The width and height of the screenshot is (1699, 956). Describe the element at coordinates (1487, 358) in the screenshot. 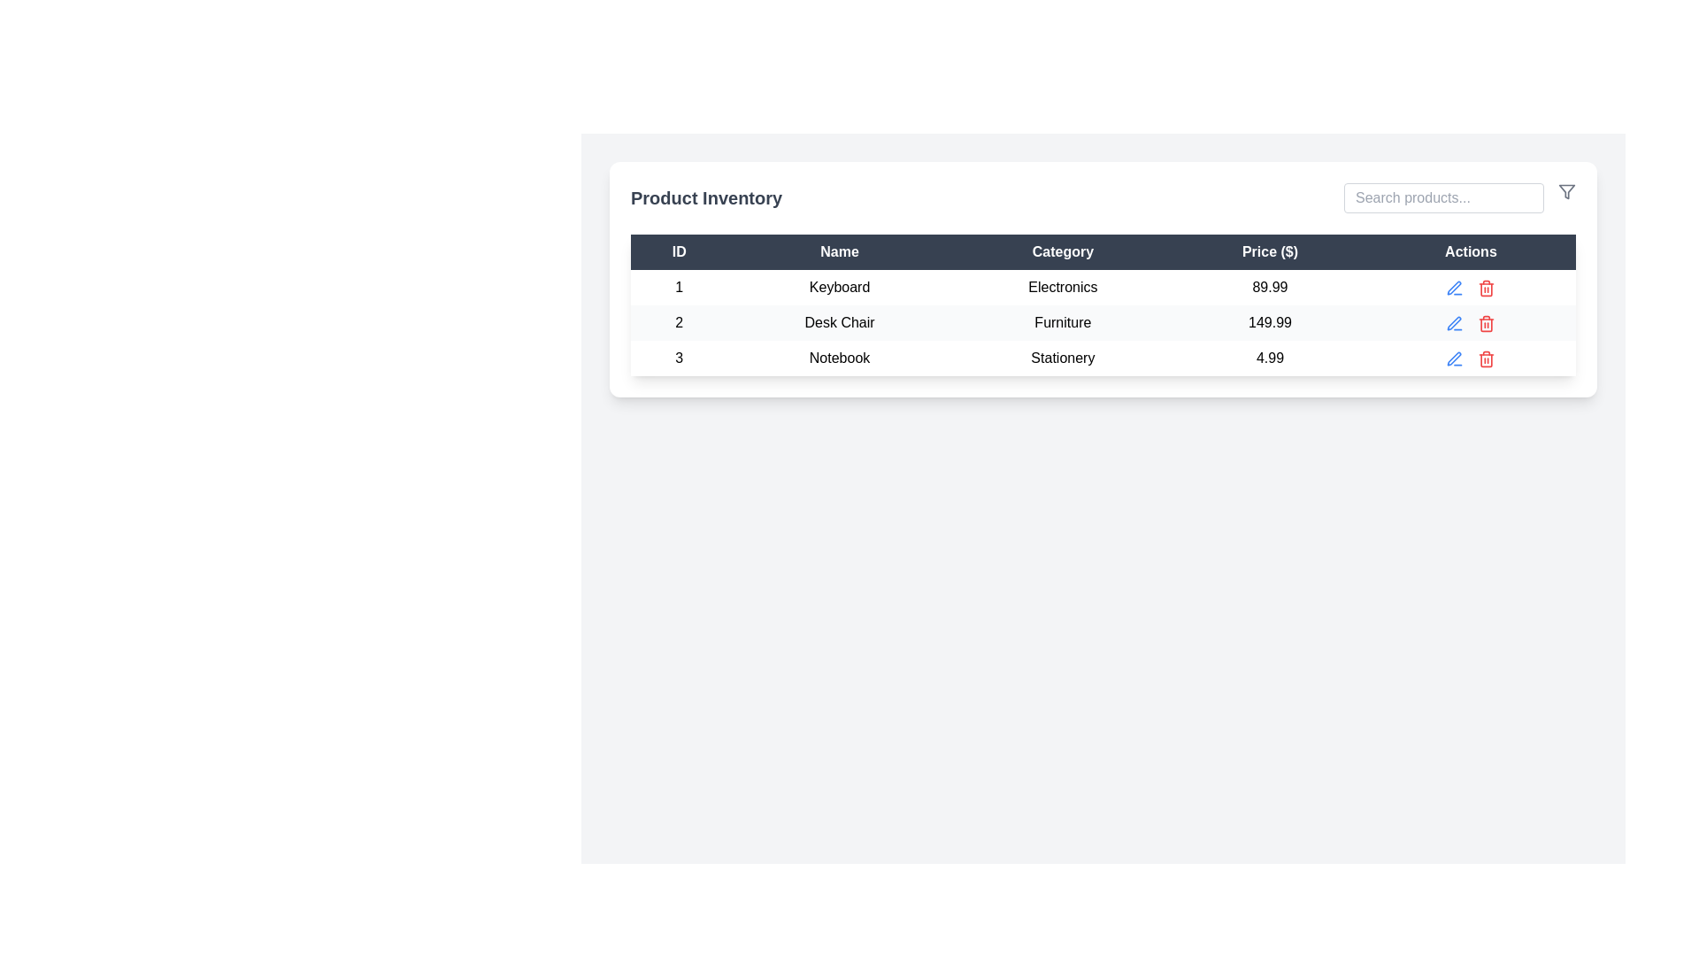

I see `the red trash can icon button located in the last column of the third row in the data table` at that location.